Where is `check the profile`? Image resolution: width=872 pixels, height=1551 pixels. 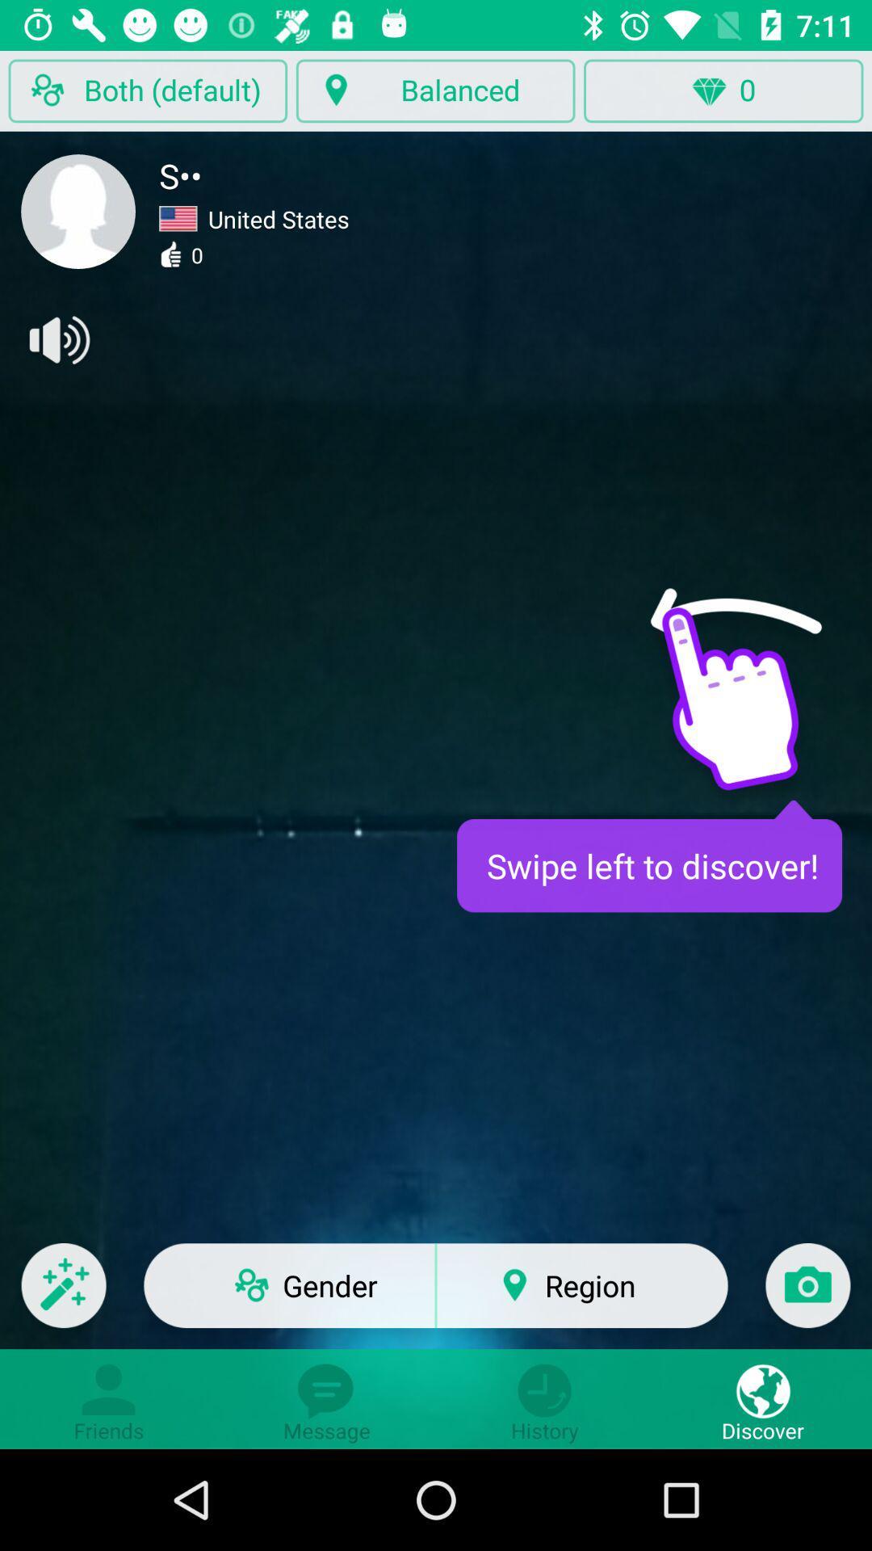
check the profile is located at coordinates (78, 211).